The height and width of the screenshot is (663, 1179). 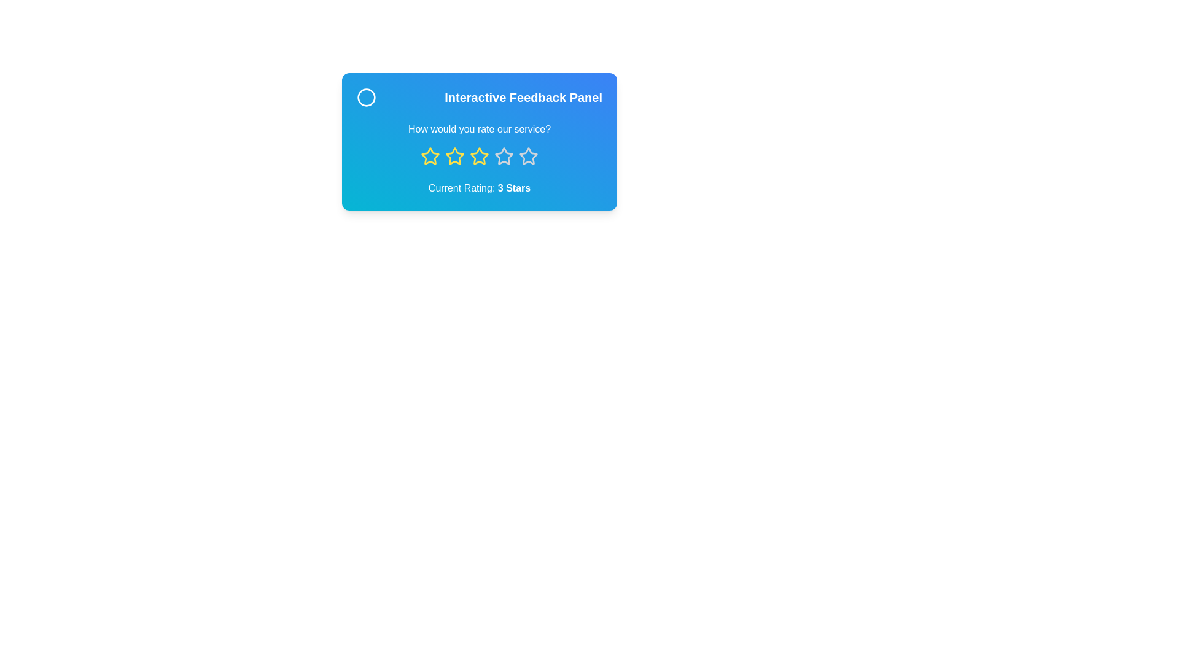 I want to click on the SVG Circle located at the top-left corner of the feedback panel, next to the title 'Interactive Feedback Panel', so click(x=365, y=96).